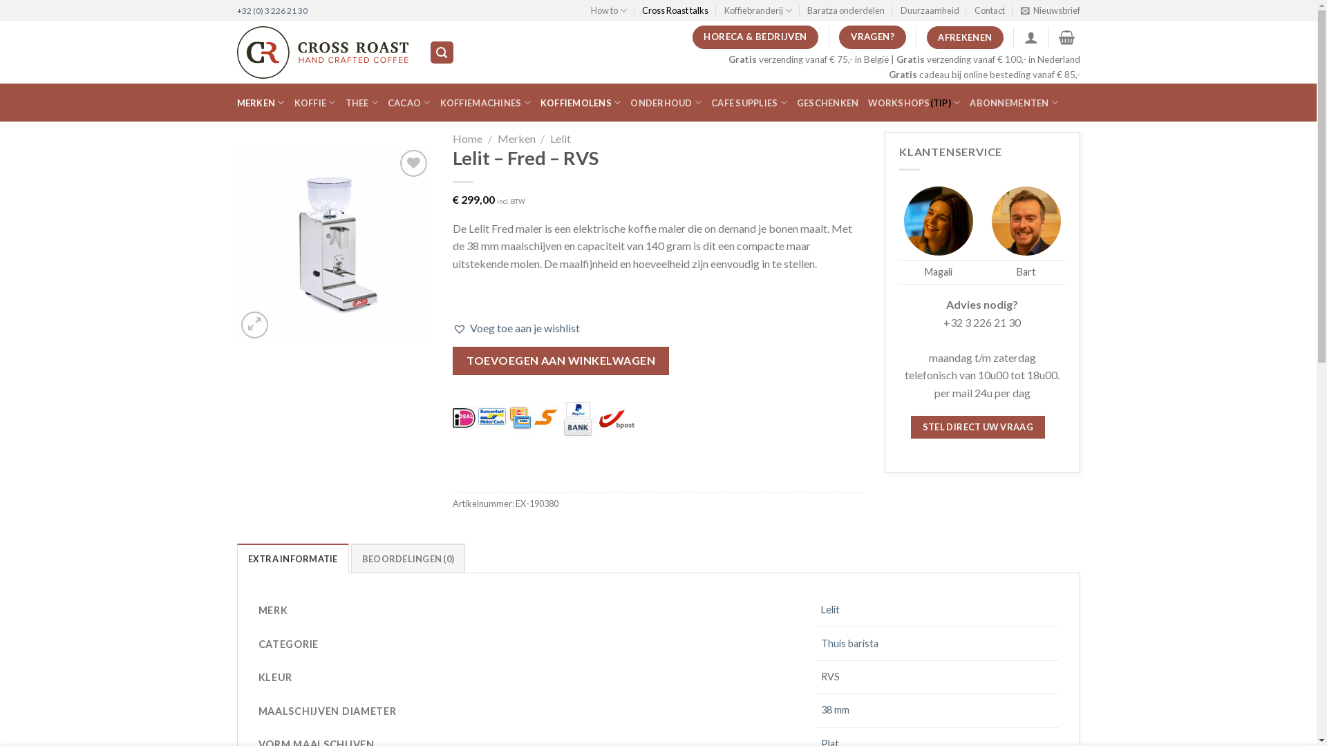 This screenshot has width=1327, height=746. What do you see at coordinates (974, 10) in the screenshot?
I see `'Contact'` at bounding box center [974, 10].